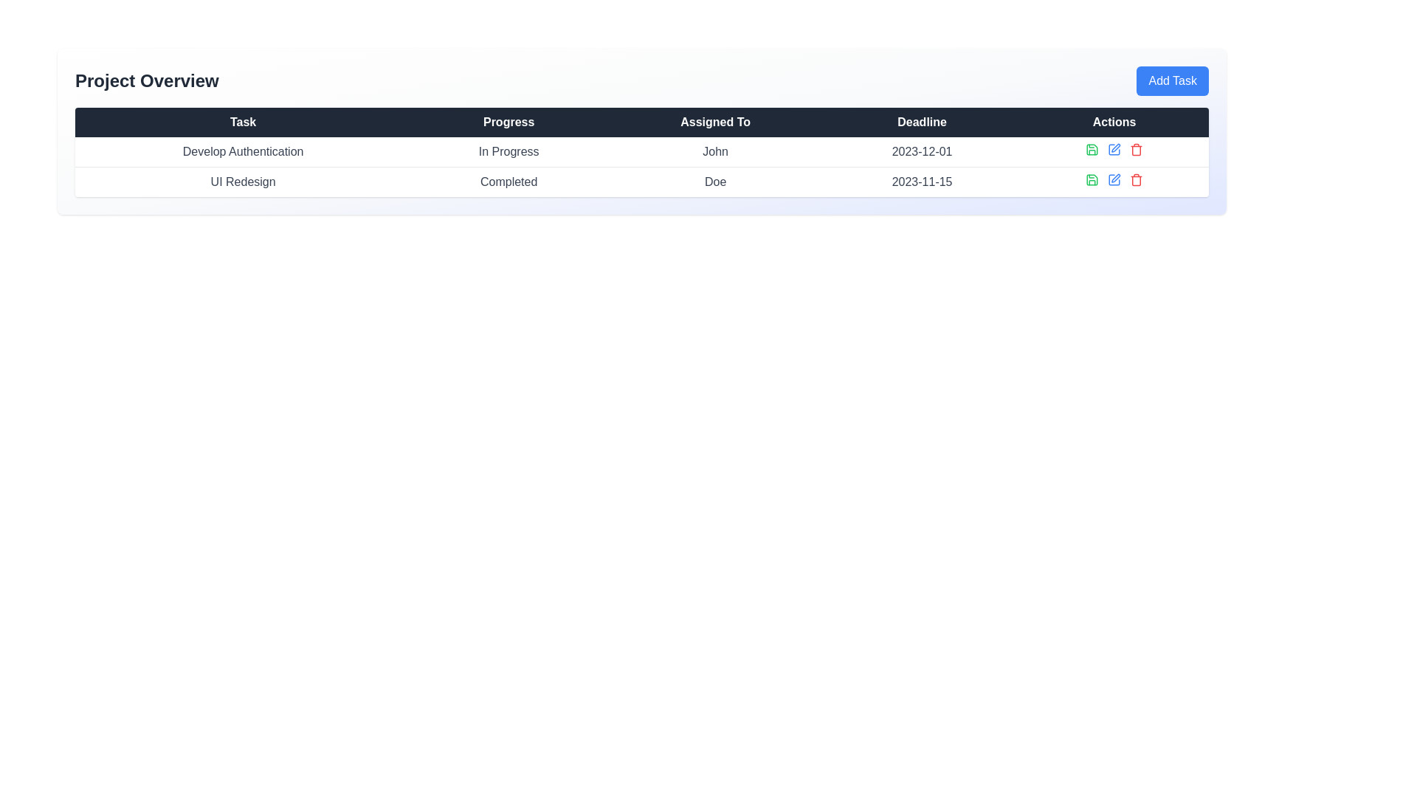  I want to click on the edit icon button located in the 'Actions' column of the task 'Develop Authentication' in the table interface, so click(1116, 148).